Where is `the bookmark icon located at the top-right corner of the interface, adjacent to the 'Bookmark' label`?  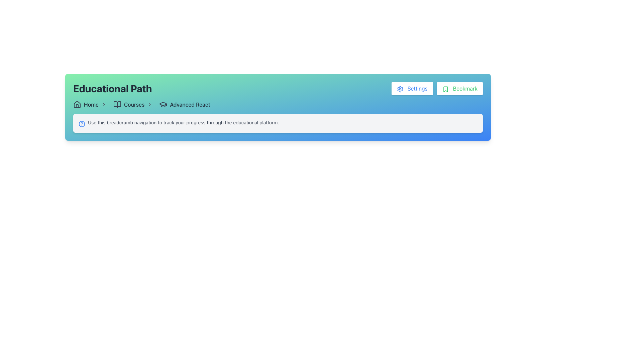
the bookmark icon located at the top-right corner of the interface, adjacent to the 'Bookmark' label is located at coordinates (445, 89).